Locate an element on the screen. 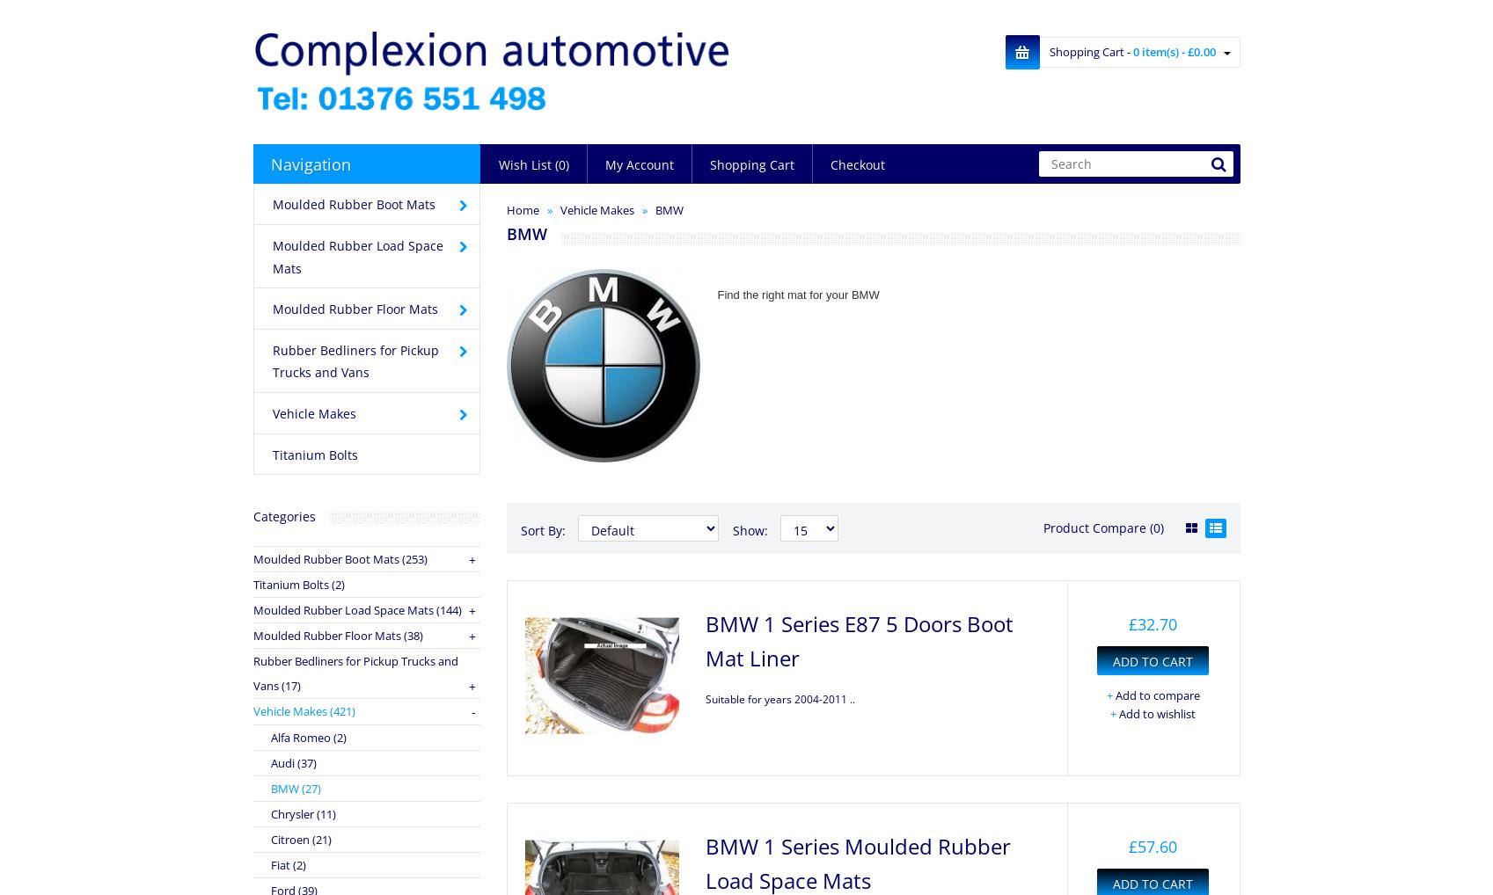 This screenshot has width=1493, height=895. 'Moulded Rubber Load Space Mats (144)' is located at coordinates (355, 609).